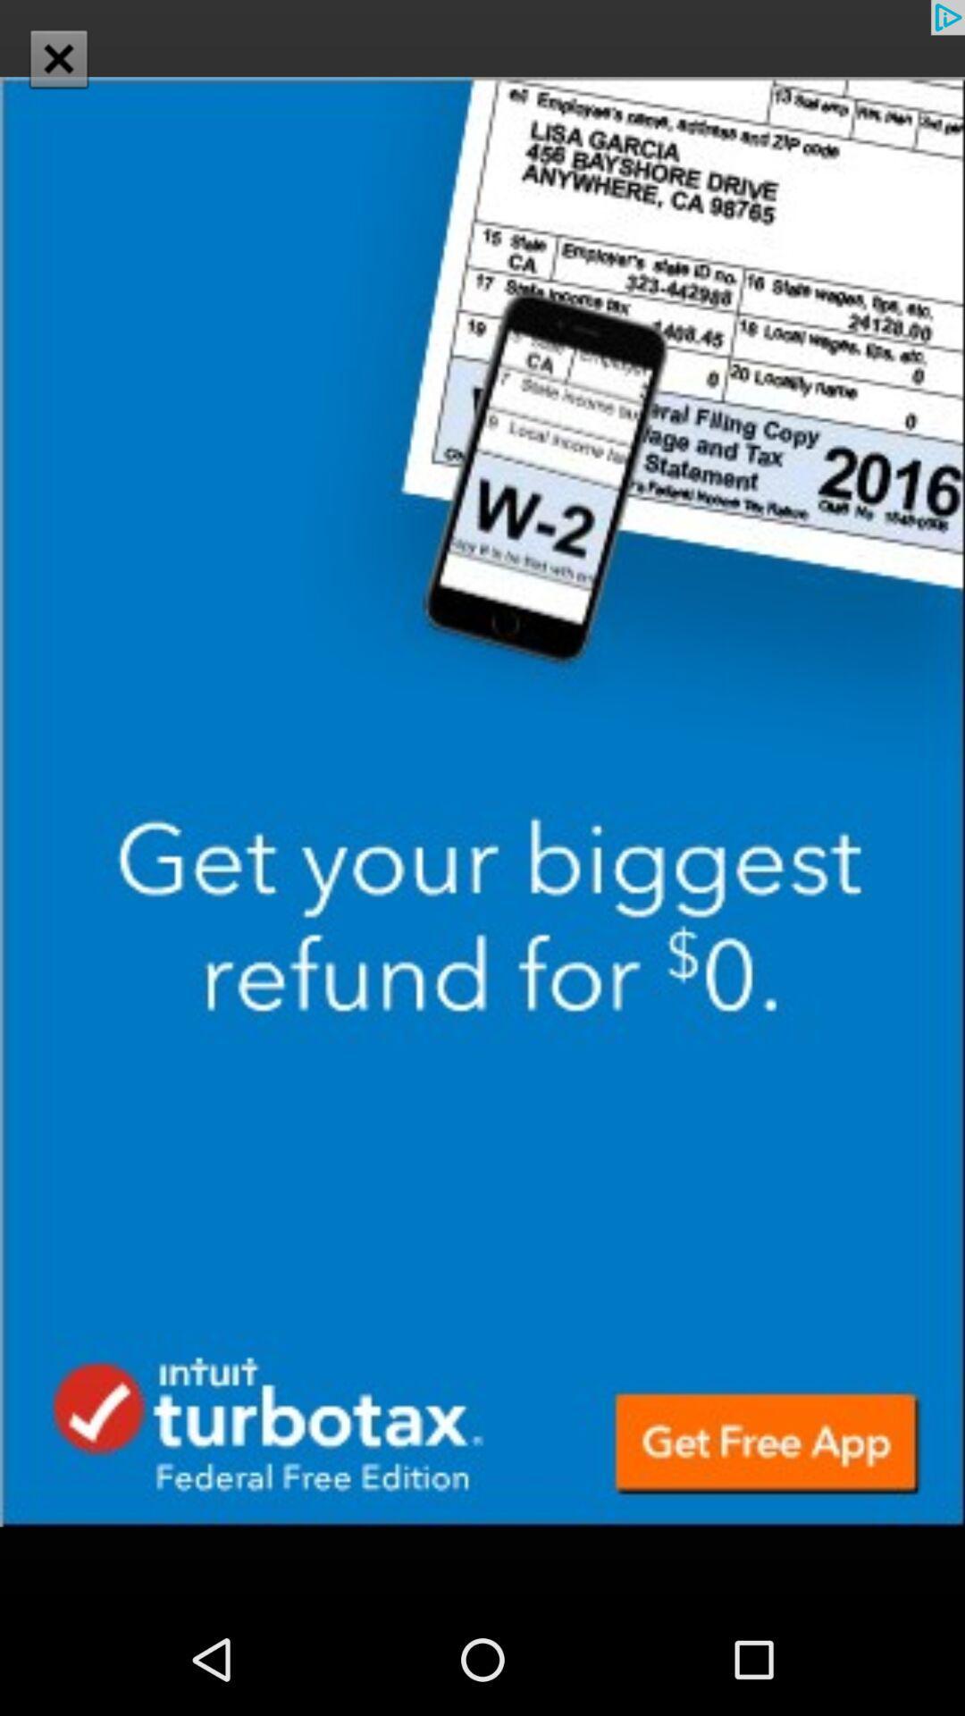  Describe the element at coordinates (57, 63) in the screenshot. I see `the close icon` at that location.